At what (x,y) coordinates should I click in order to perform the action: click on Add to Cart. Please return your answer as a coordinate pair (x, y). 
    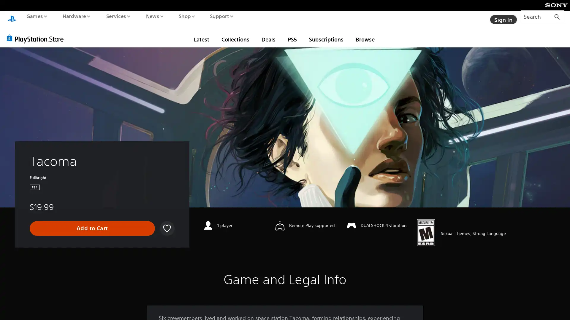
    Looking at the image, I should click on (92, 223).